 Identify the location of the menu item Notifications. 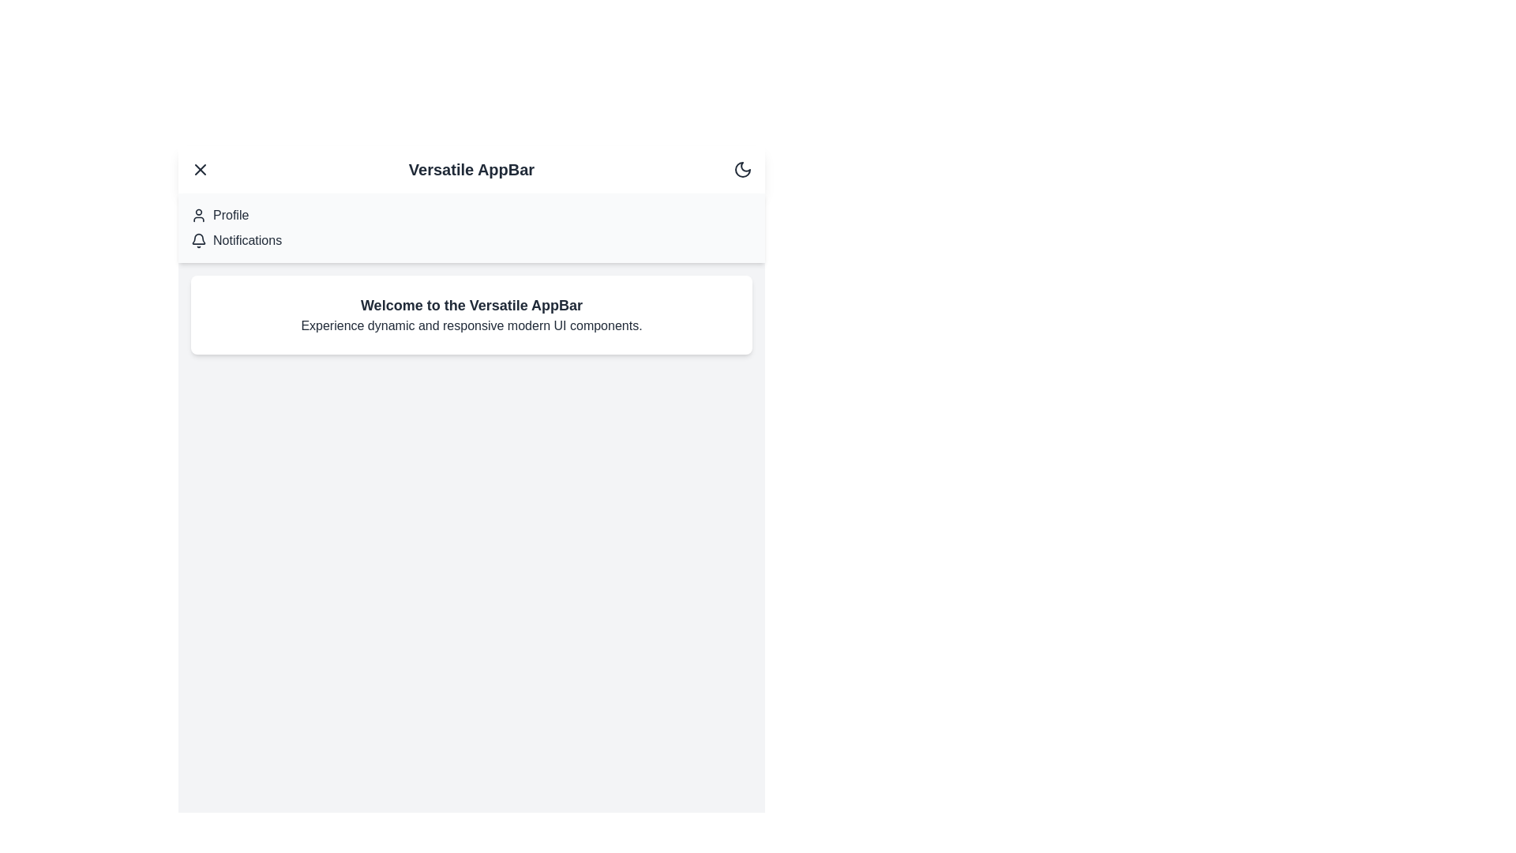
(200, 240).